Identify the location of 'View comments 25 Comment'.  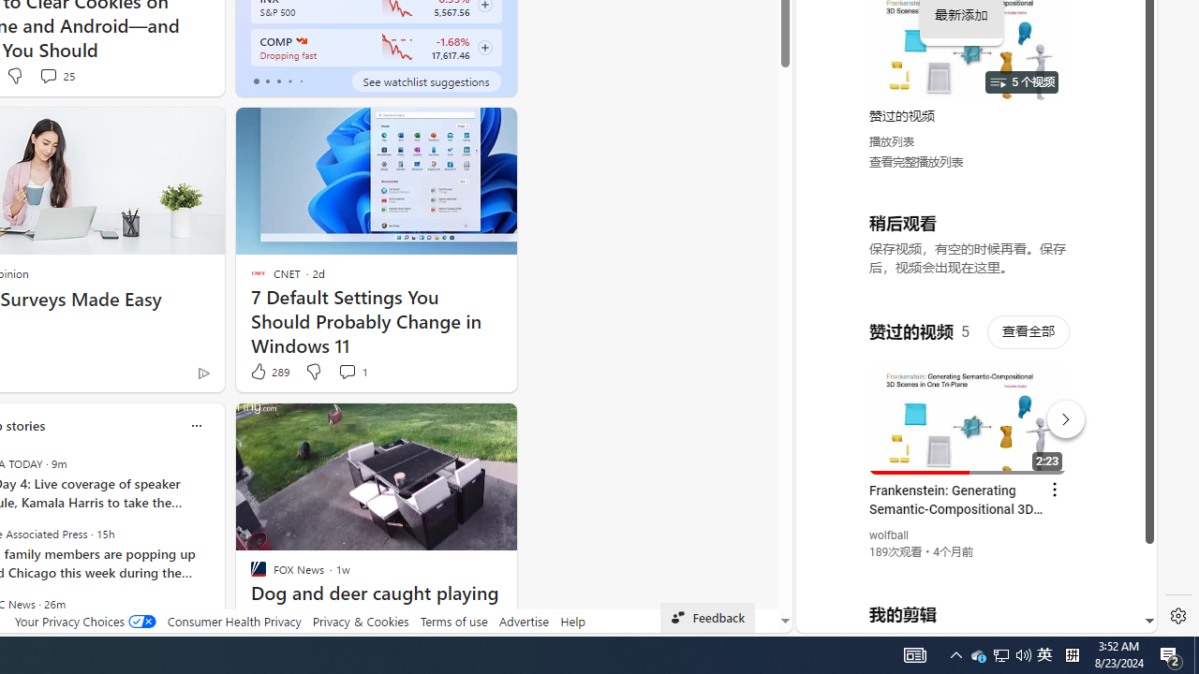
(56, 75).